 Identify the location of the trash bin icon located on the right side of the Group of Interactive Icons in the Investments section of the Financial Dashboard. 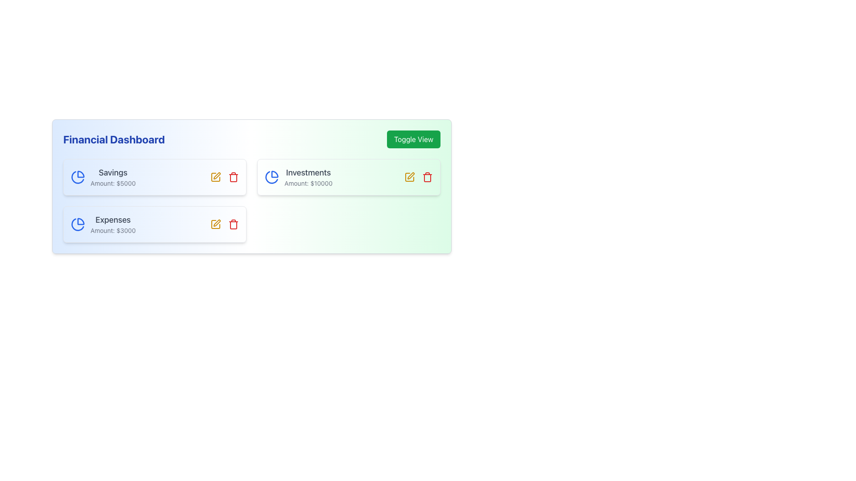
(418, 177).